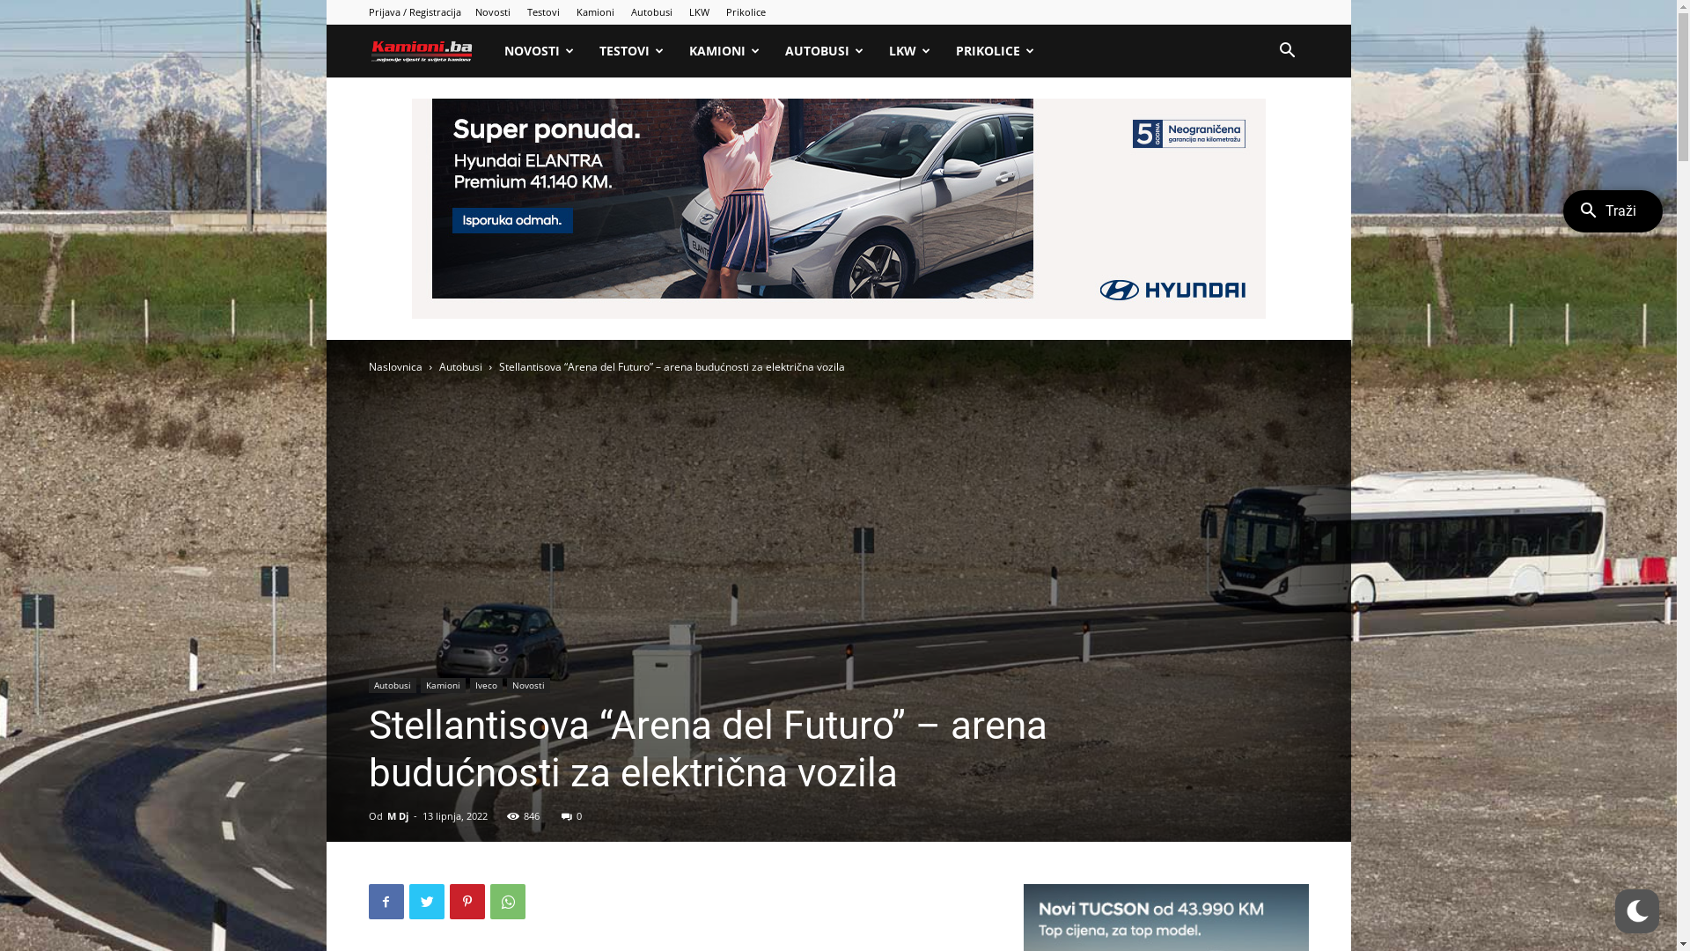 The height and width of the screenshot is (951, 1690). I want to click on 'Iveco', so click(486, 684).